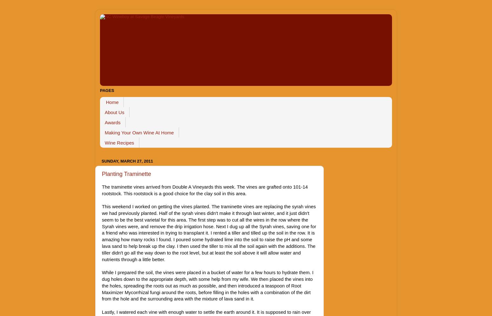 This screenshot has height=316, width=492. Describe the element at coordinates (112, 122) in the screenshot. I see `'Awards'` at that location.